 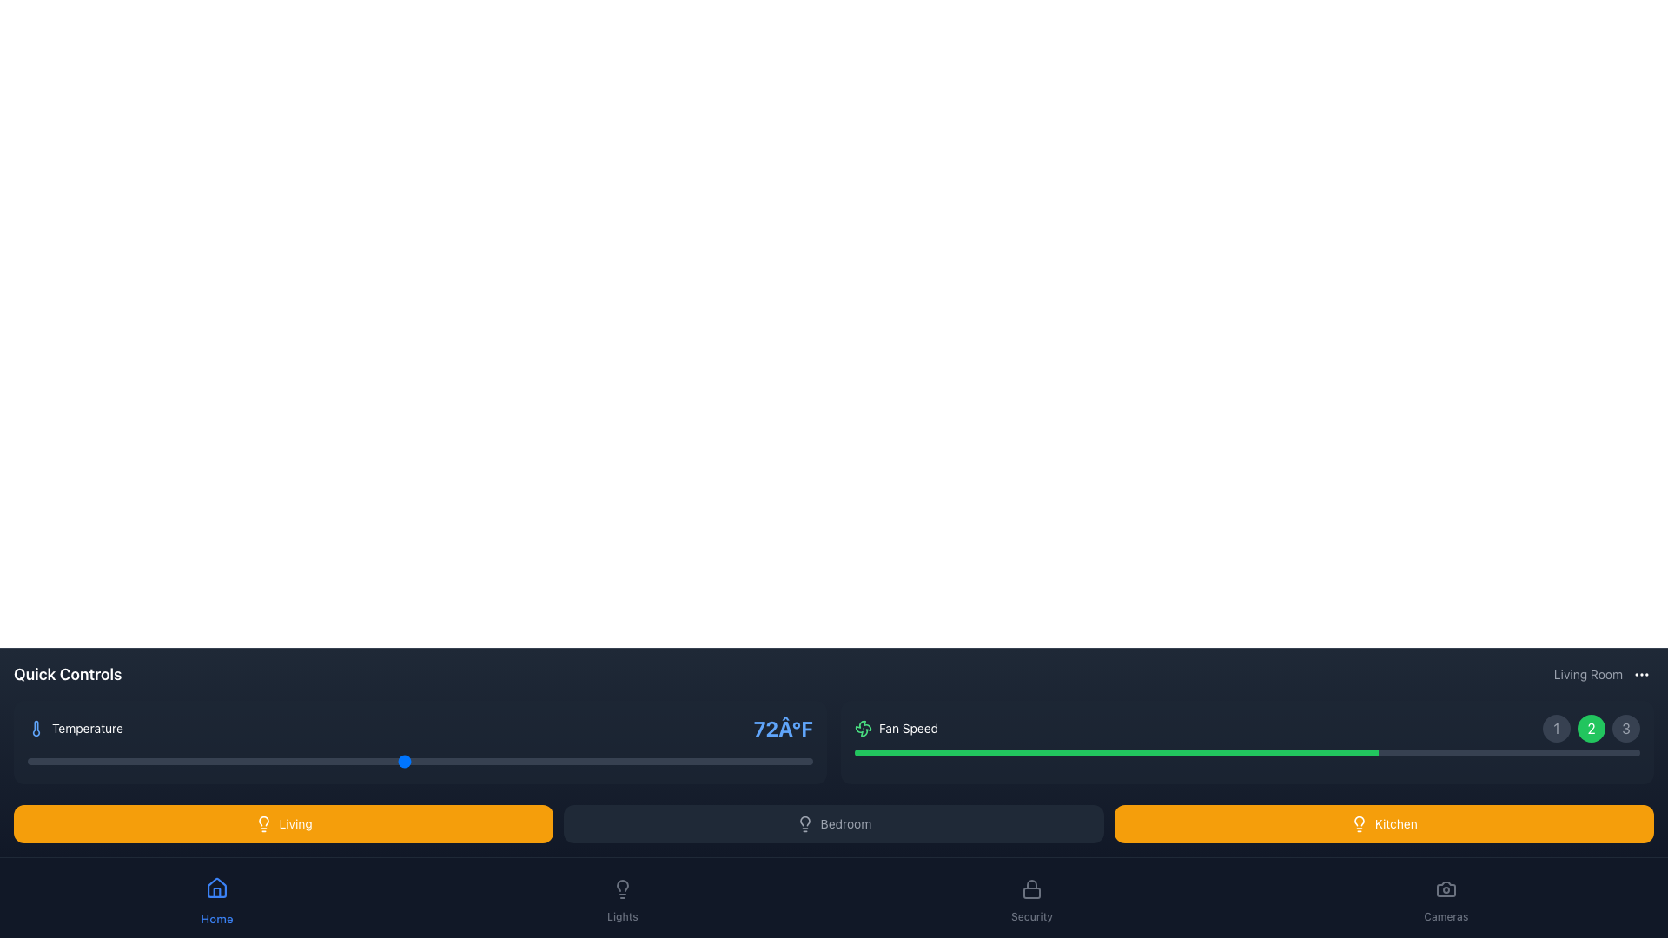 I want to click on the temperature, so click(x=686, y=760).